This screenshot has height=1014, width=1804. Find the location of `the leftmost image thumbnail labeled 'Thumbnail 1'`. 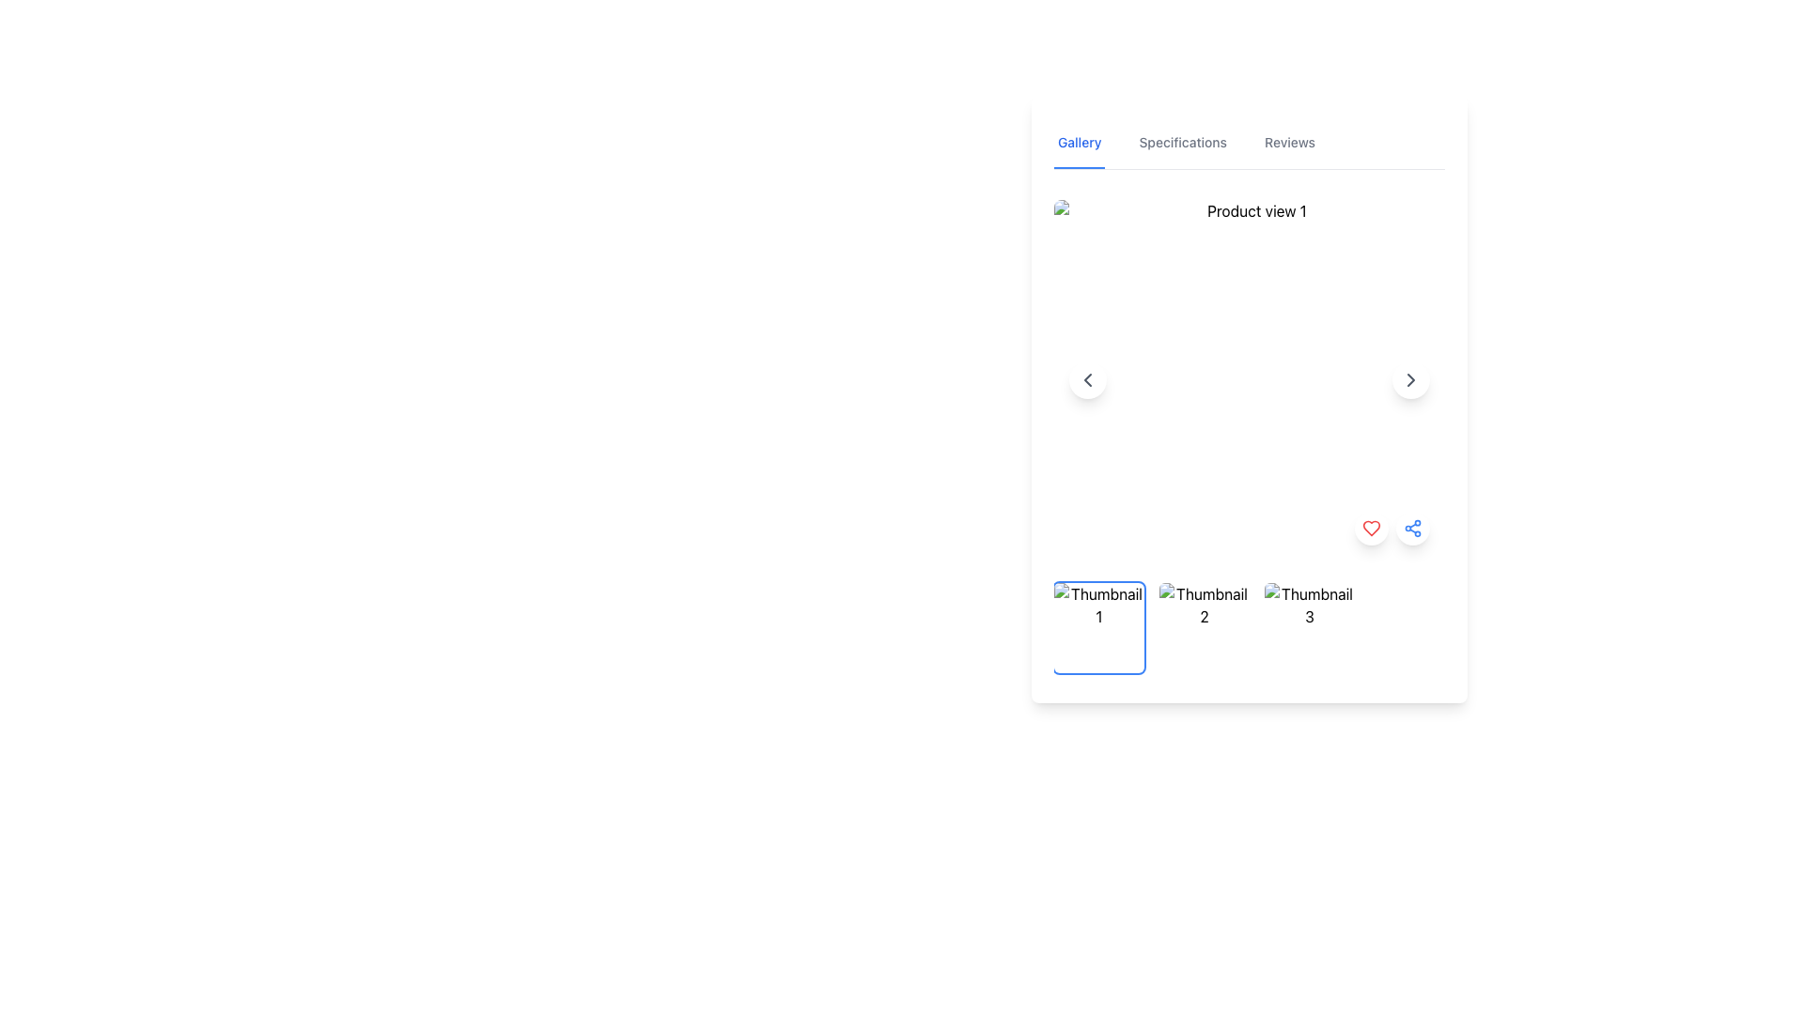

the leftmost image thumbnail labeled 'Thumbnail 1' is located at coordinates (1099, 627).